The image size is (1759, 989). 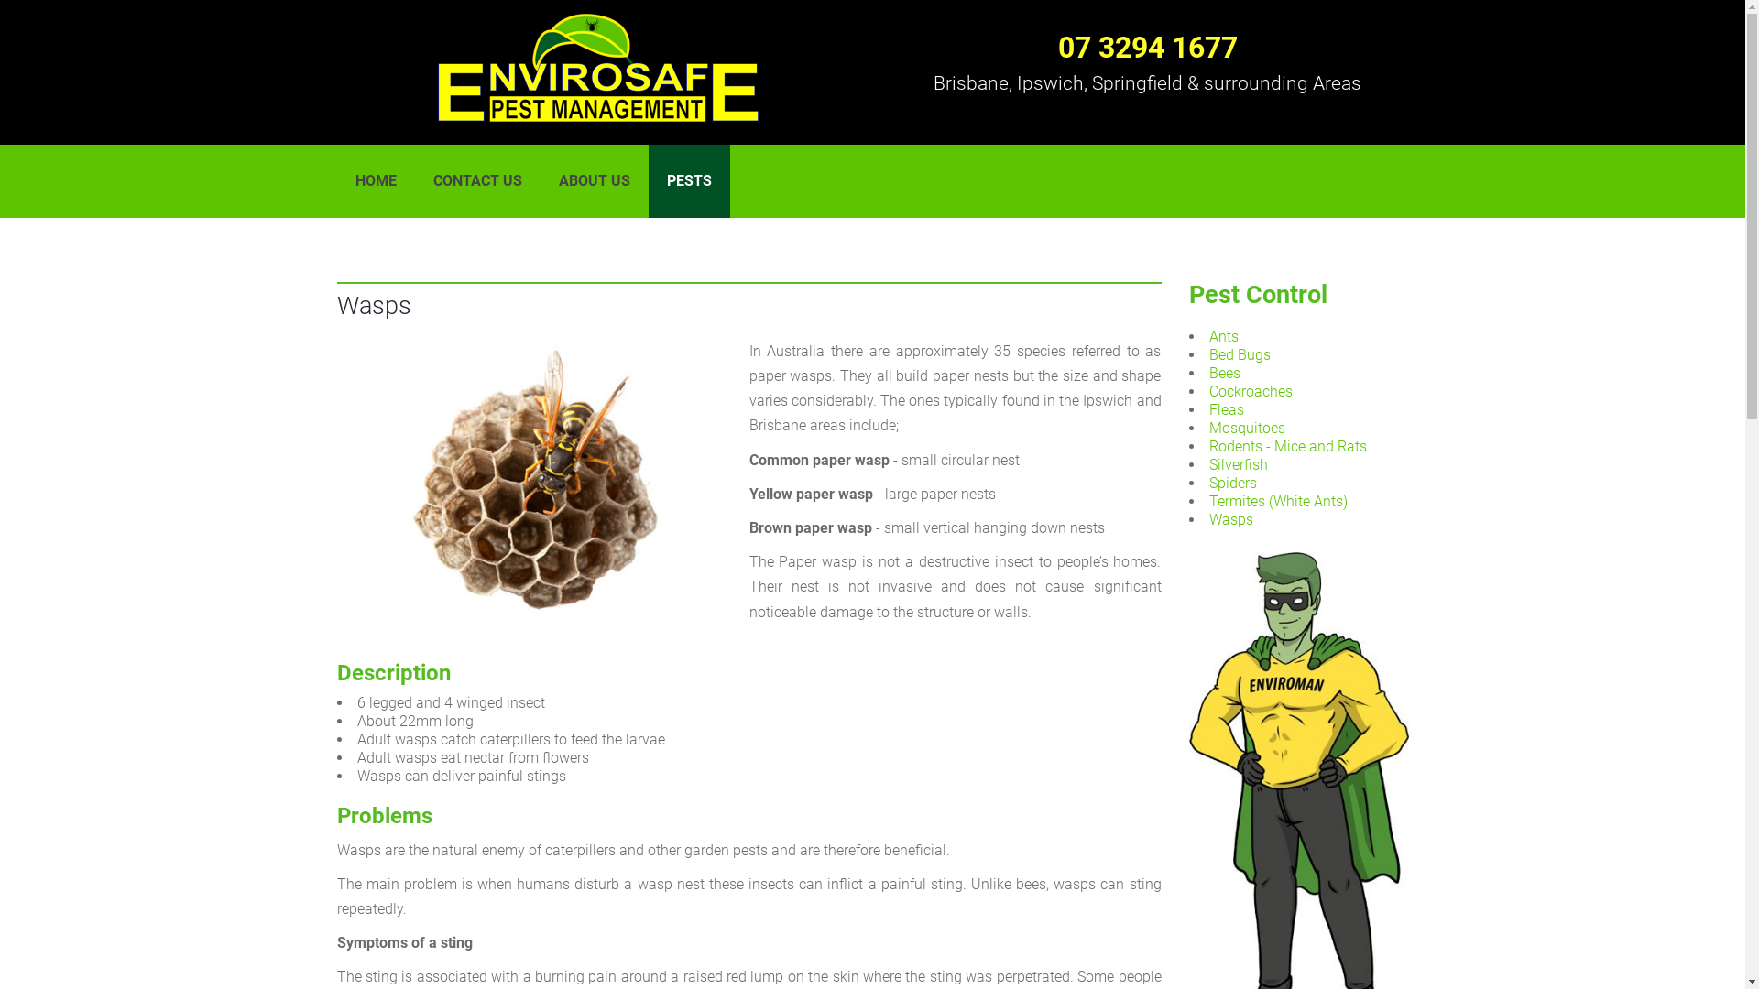 I want to click on 'CONTACT US', so click(x=476, y=180).